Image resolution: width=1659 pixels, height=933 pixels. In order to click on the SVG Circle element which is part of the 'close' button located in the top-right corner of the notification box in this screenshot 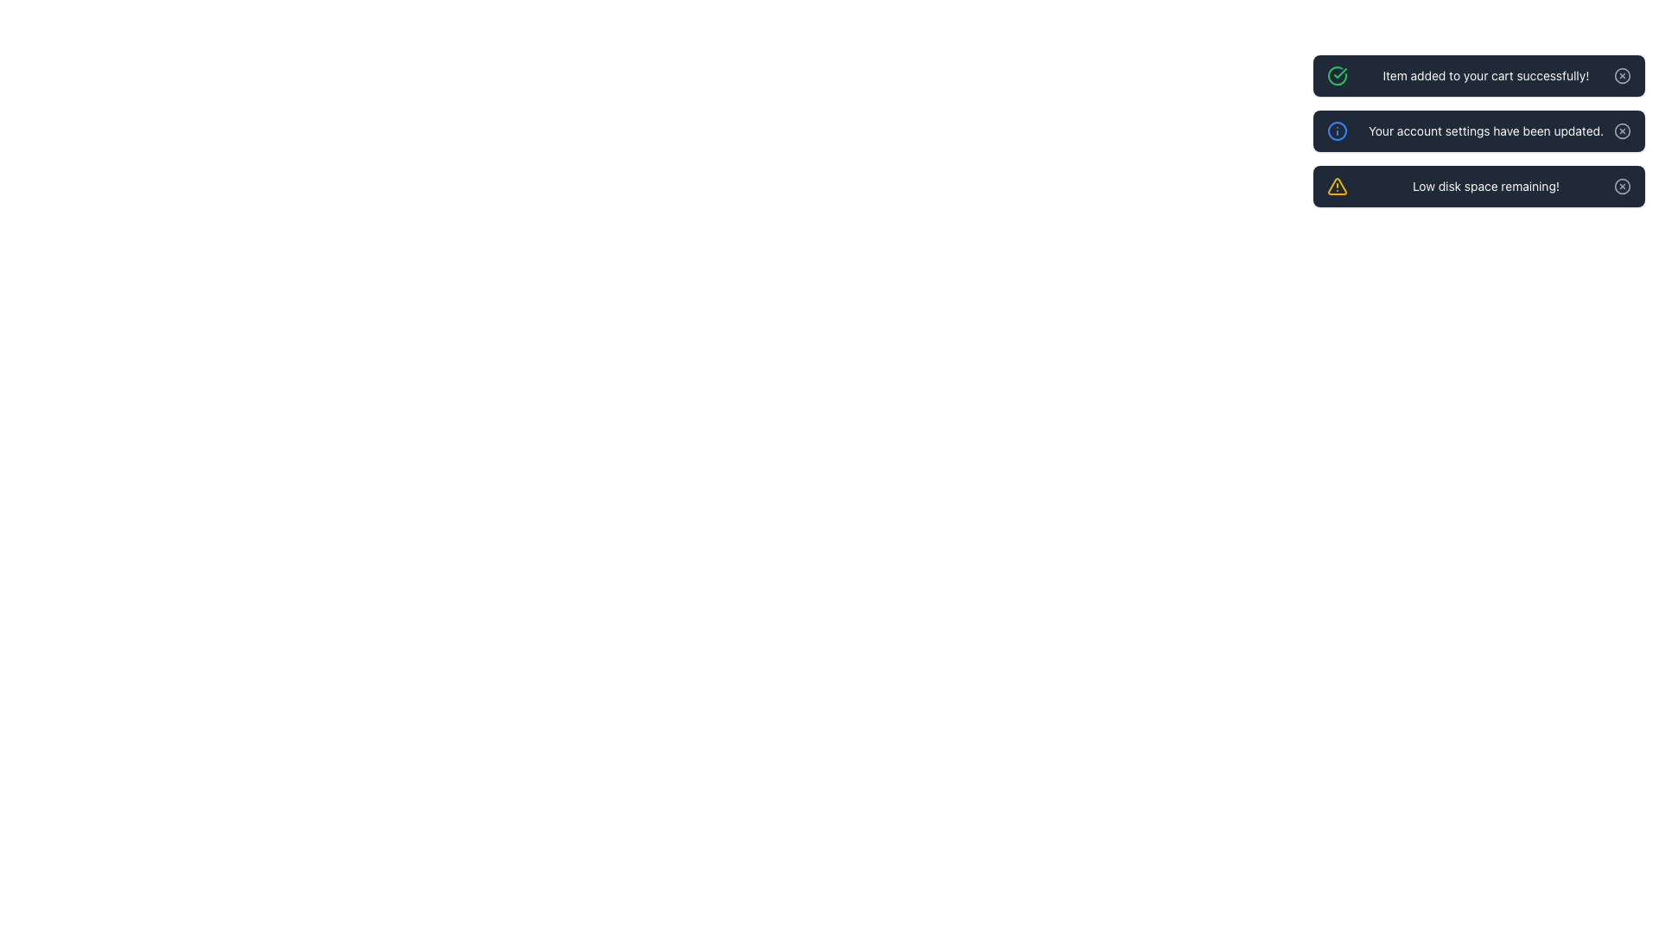, I will do `click(1621, 75)`.